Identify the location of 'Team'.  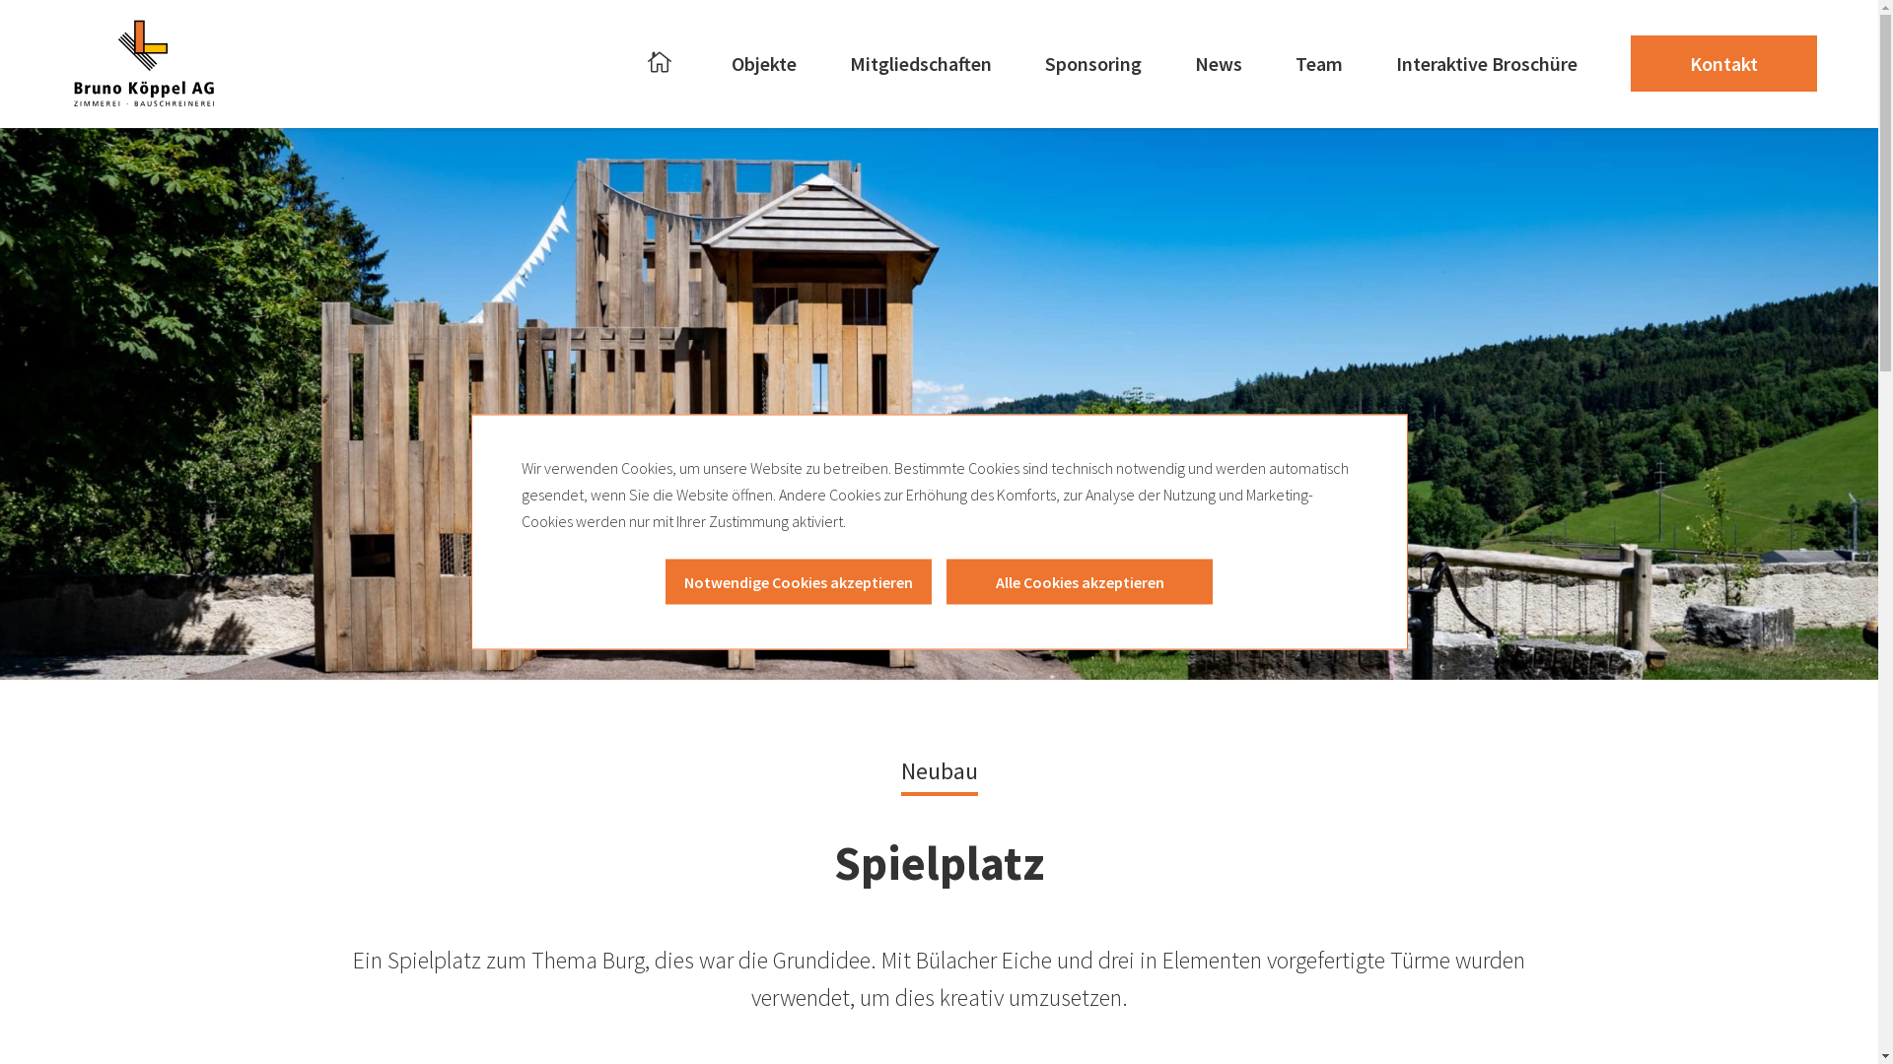
(1319, 63).